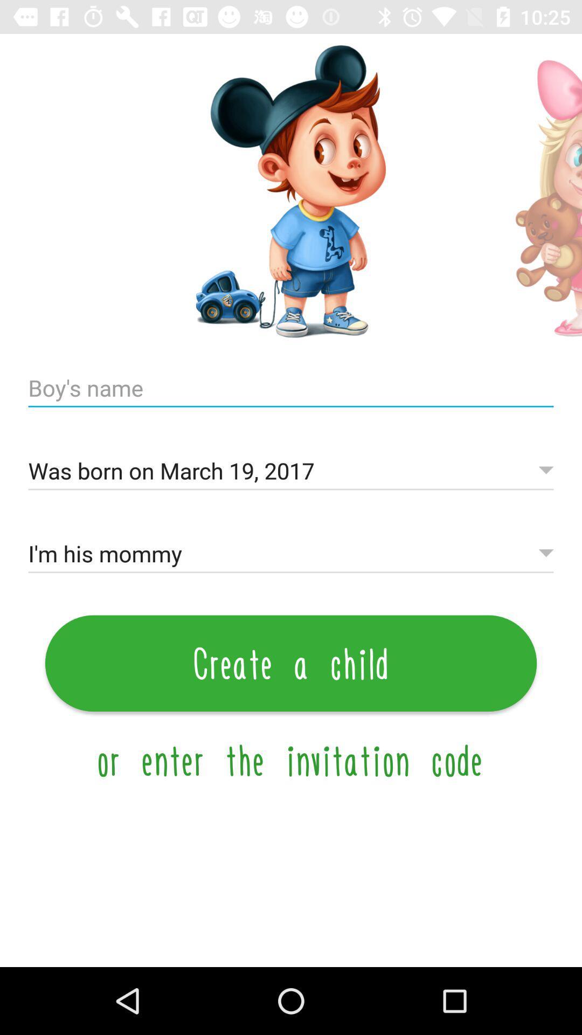 Image resolution: width=582 pixels, height=1035 pixels. Describe the element at coordinates (291, 471) in the screenshot. I see `the item above i m his item` at that location.